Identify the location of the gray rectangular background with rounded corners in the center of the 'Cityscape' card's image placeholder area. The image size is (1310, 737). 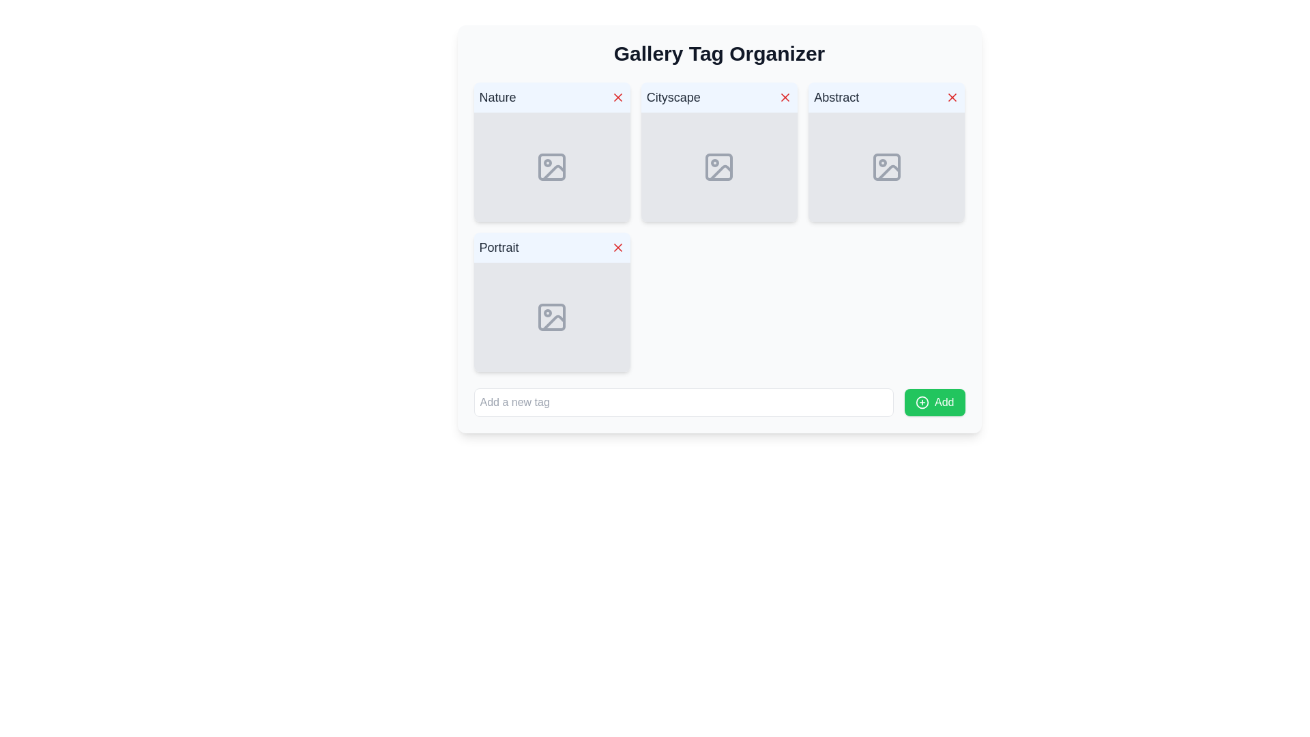
(718, 167).